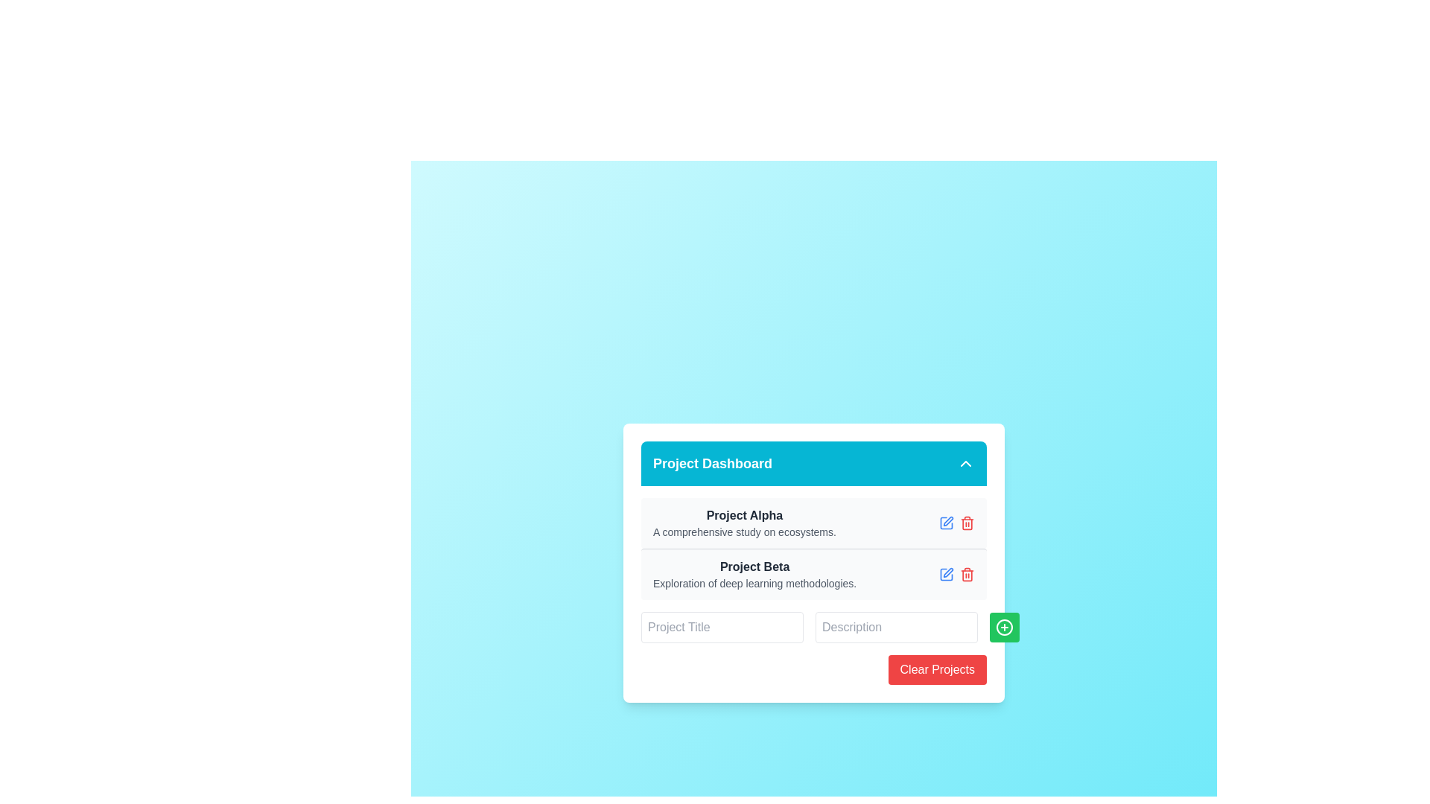 The width and height of the screenshot is (1430, 804). I want to click on the edit button located to the right of the 'Project Alpha' label under the 'Project Dashboard' section to initiate editing for the associated entry, so click(946, 522).